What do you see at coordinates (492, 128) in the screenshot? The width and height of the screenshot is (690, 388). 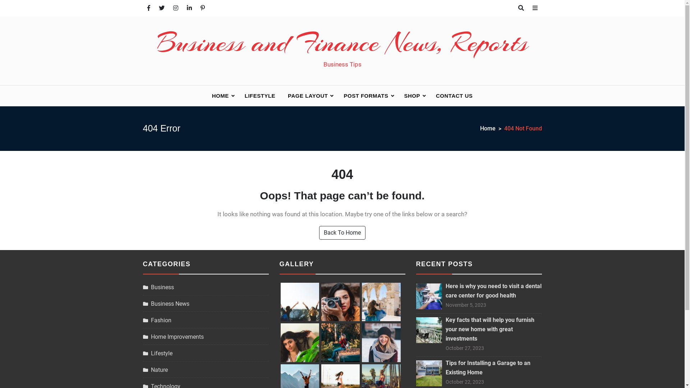 I see `'Home'` at bounding box center [492, 128].